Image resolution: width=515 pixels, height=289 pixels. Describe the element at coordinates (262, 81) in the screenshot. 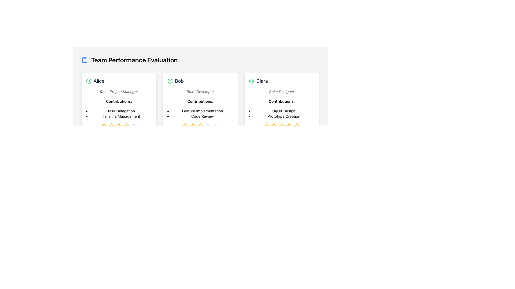

I see `the text label displaying the name 'Clara', which is styled in medium weight, dark gray font and is positioned in the upper portion of the third card from the left in a horizontal group of three cards` at that location.